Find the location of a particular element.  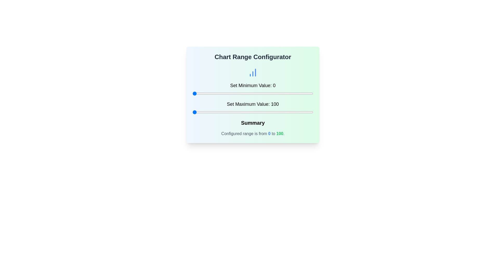

the slider handle to reveal its tooltip is located at coordinates (253, 94).